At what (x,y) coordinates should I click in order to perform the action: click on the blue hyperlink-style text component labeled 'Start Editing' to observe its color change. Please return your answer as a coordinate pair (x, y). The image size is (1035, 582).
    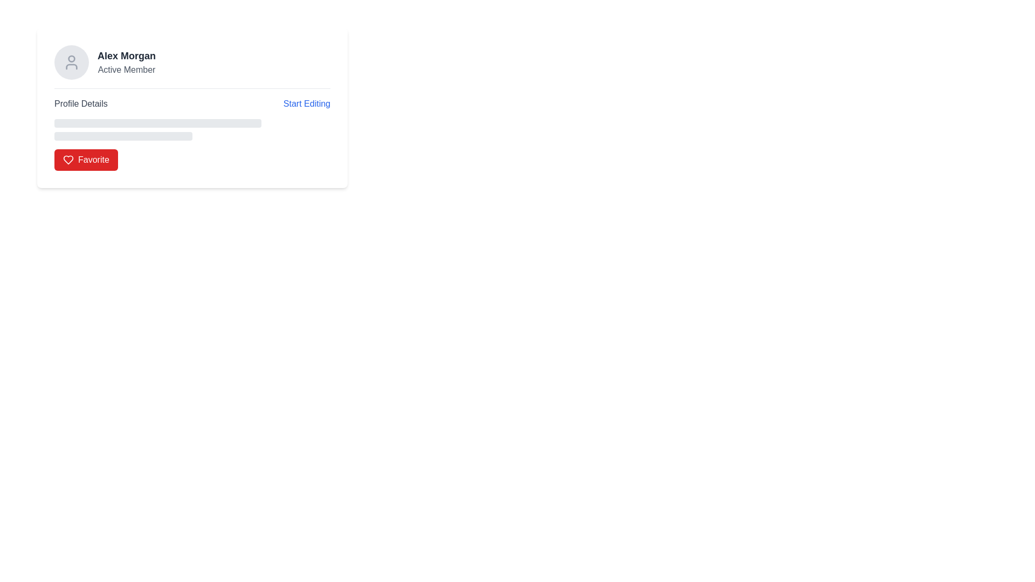
    Looking at the image, I should click on (306, 103).